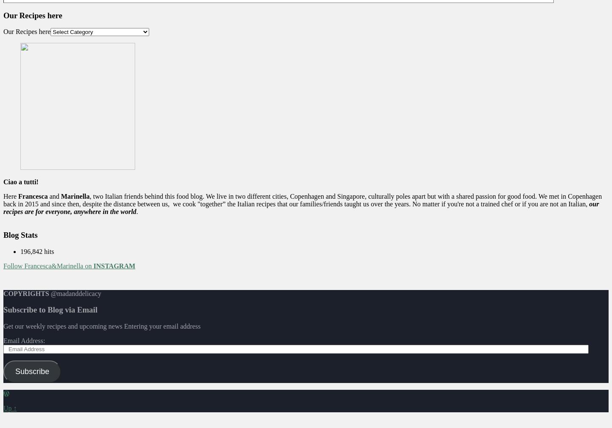 The height and width of the screenshot is (428, 612). I want to click on 'Blog Stats', so click(20, 235).